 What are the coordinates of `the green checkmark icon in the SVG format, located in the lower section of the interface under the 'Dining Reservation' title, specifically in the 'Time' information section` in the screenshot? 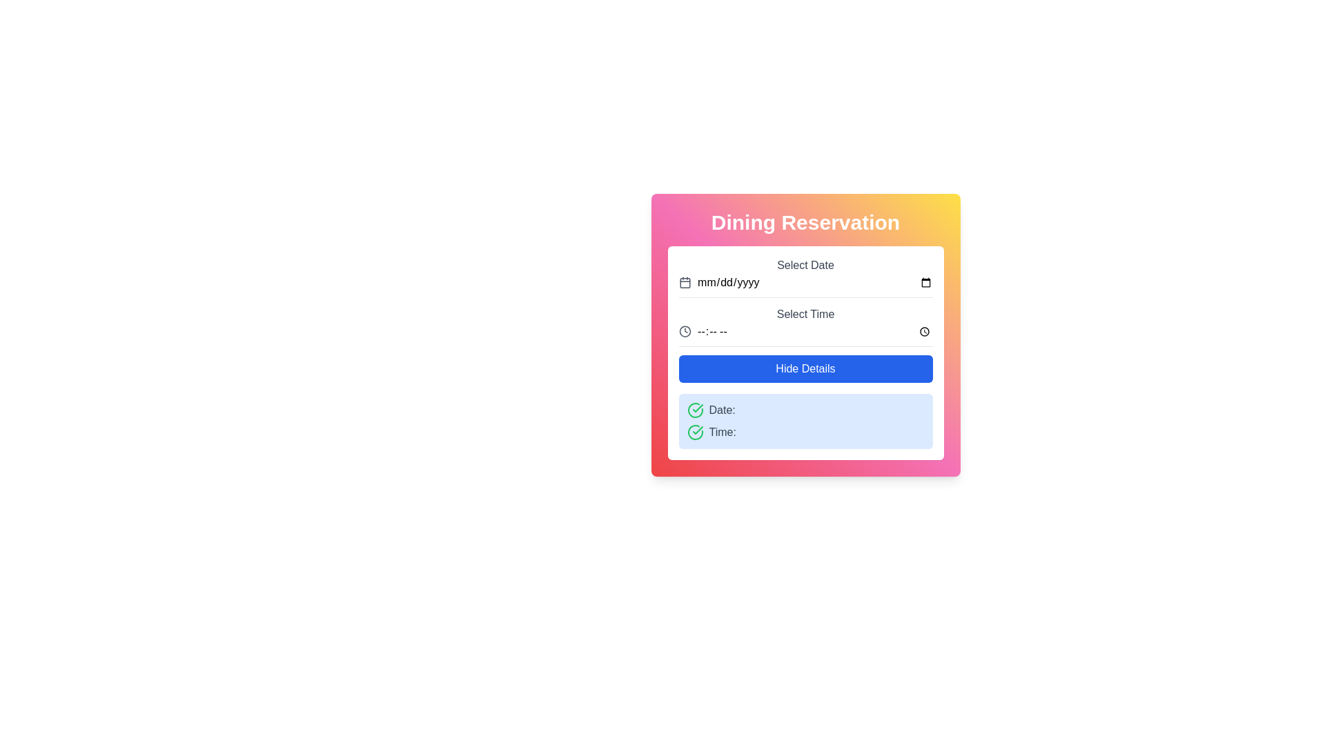 It's located at (698, 407).